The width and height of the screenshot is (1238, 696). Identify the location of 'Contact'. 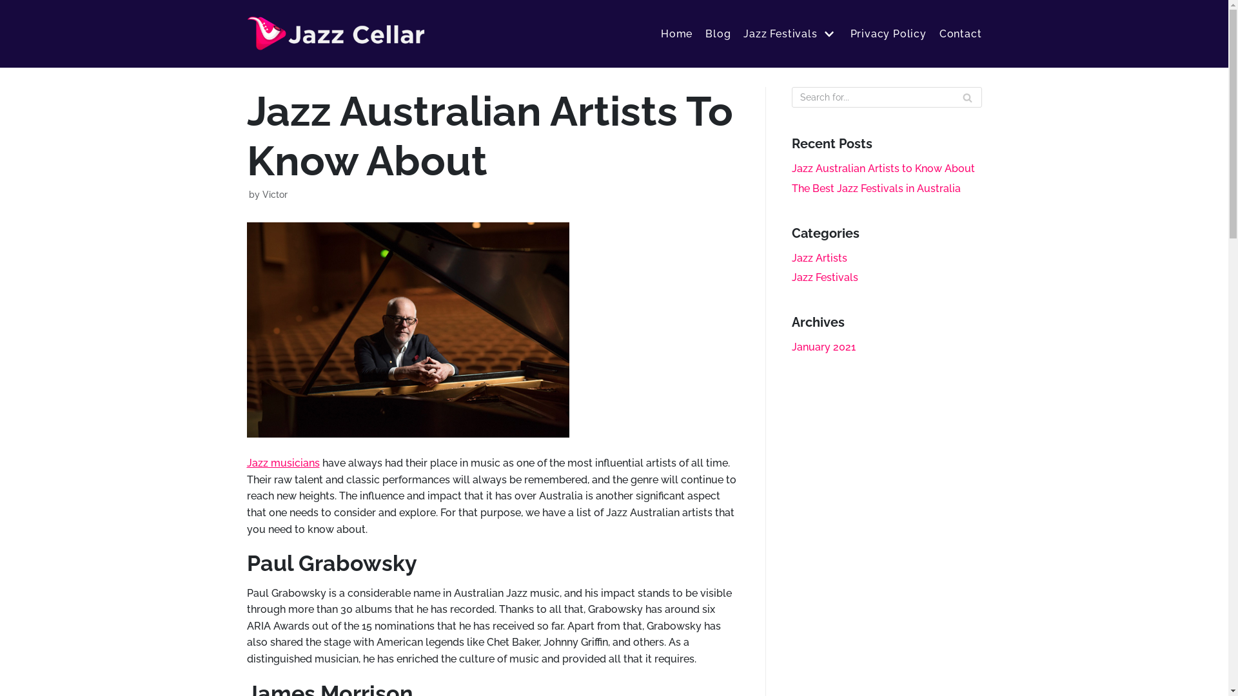
(939, 34).